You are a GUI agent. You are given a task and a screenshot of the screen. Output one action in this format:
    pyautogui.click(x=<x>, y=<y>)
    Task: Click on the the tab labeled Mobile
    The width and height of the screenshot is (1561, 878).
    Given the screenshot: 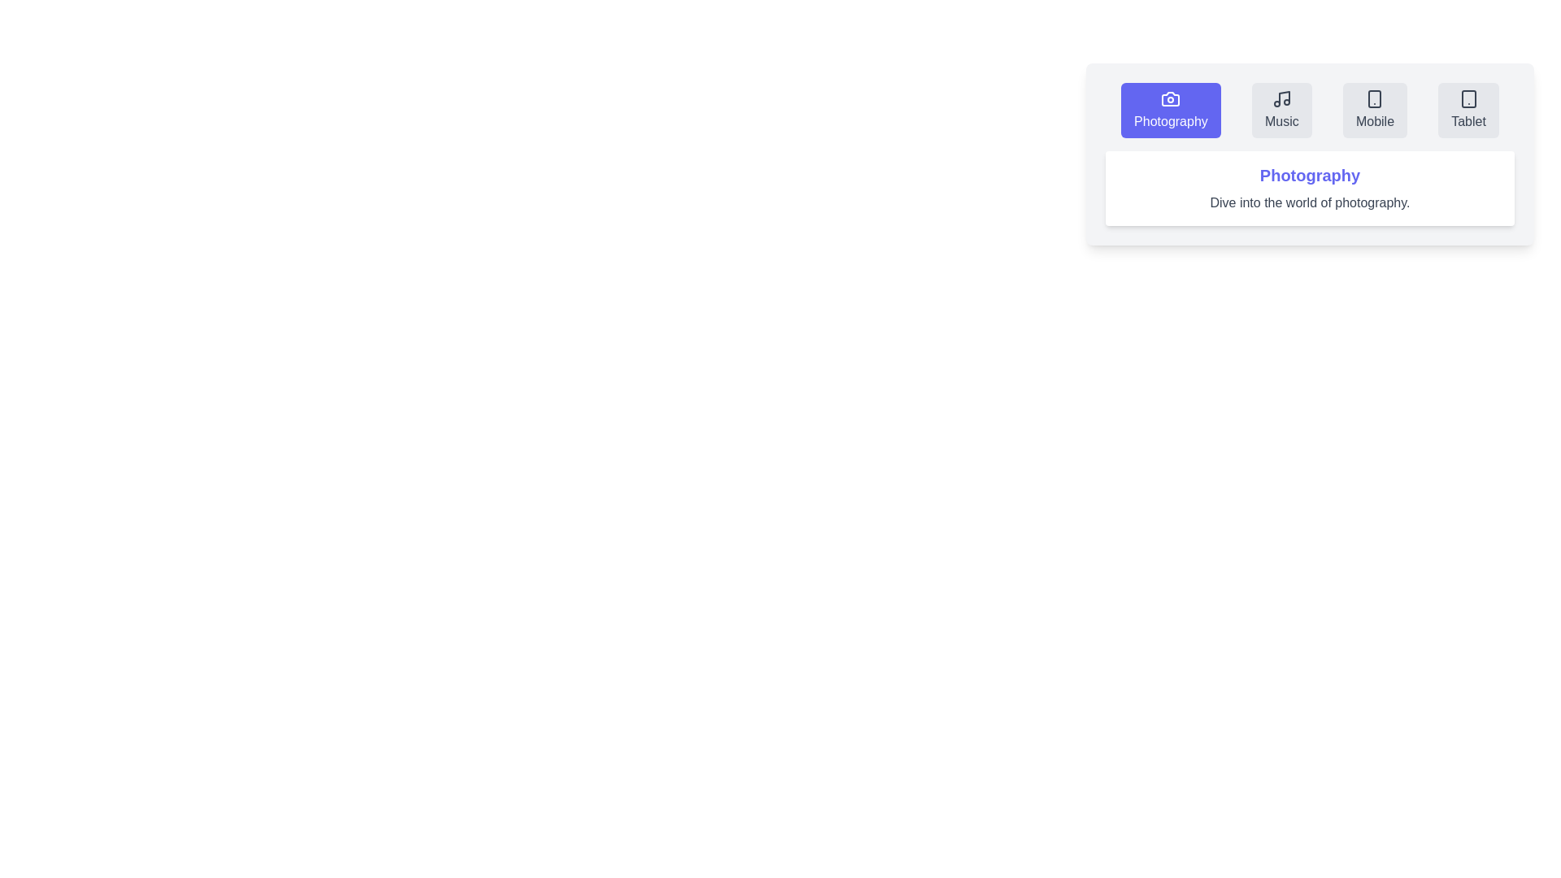 What is the action you would take?
    pyautogui.click(x=1374, y=110)
    